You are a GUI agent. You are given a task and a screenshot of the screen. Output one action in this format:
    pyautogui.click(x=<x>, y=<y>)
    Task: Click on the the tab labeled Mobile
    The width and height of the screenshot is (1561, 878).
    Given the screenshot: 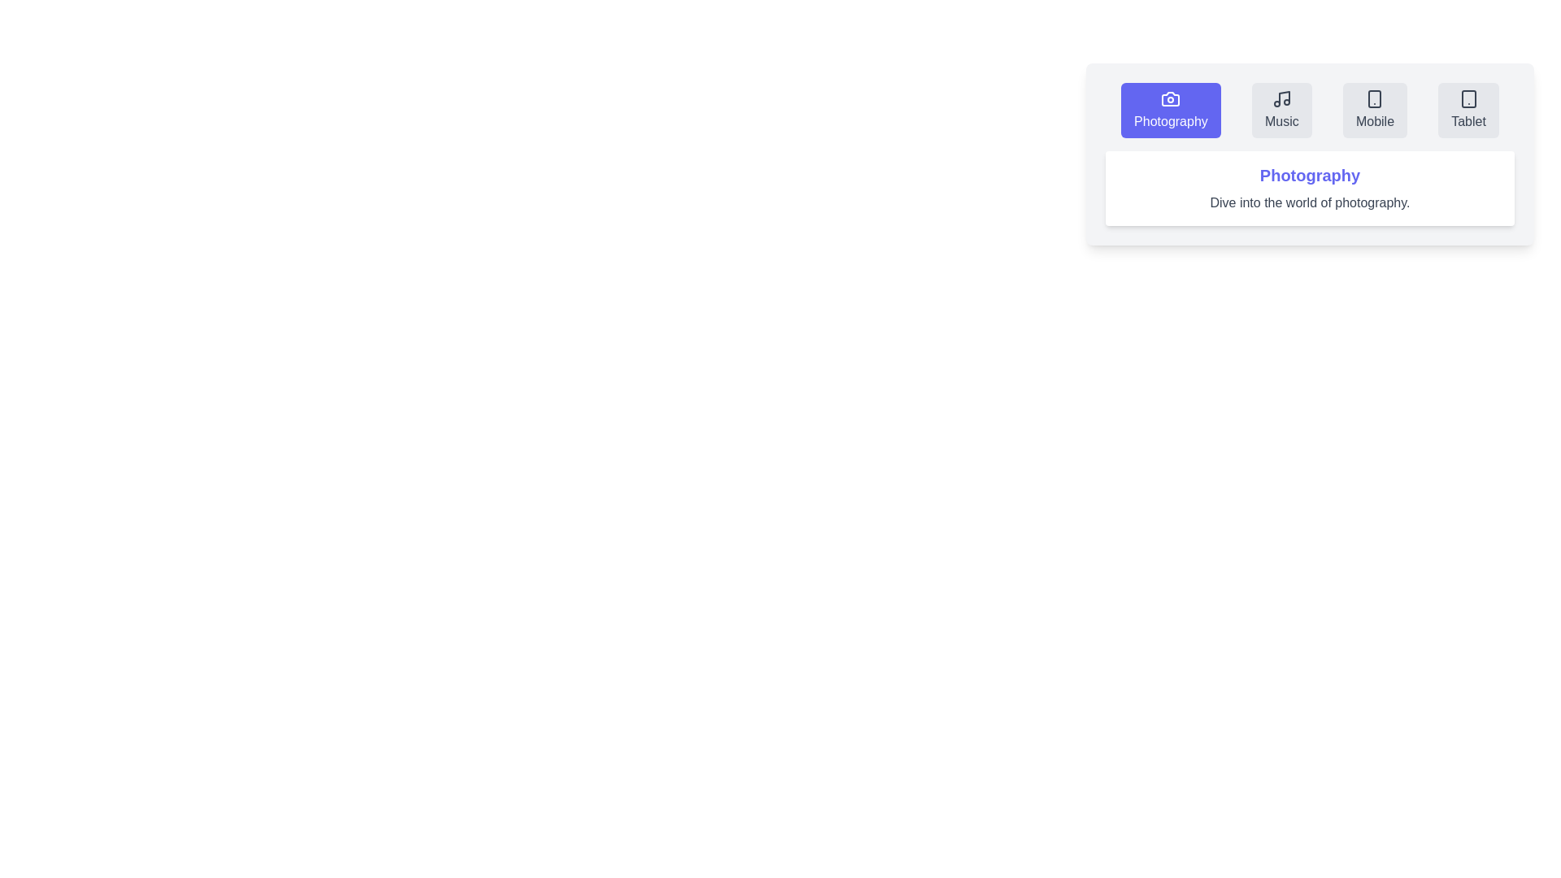 What is the action you would take?
    pyautogui.click(x=1374, y=110)
    